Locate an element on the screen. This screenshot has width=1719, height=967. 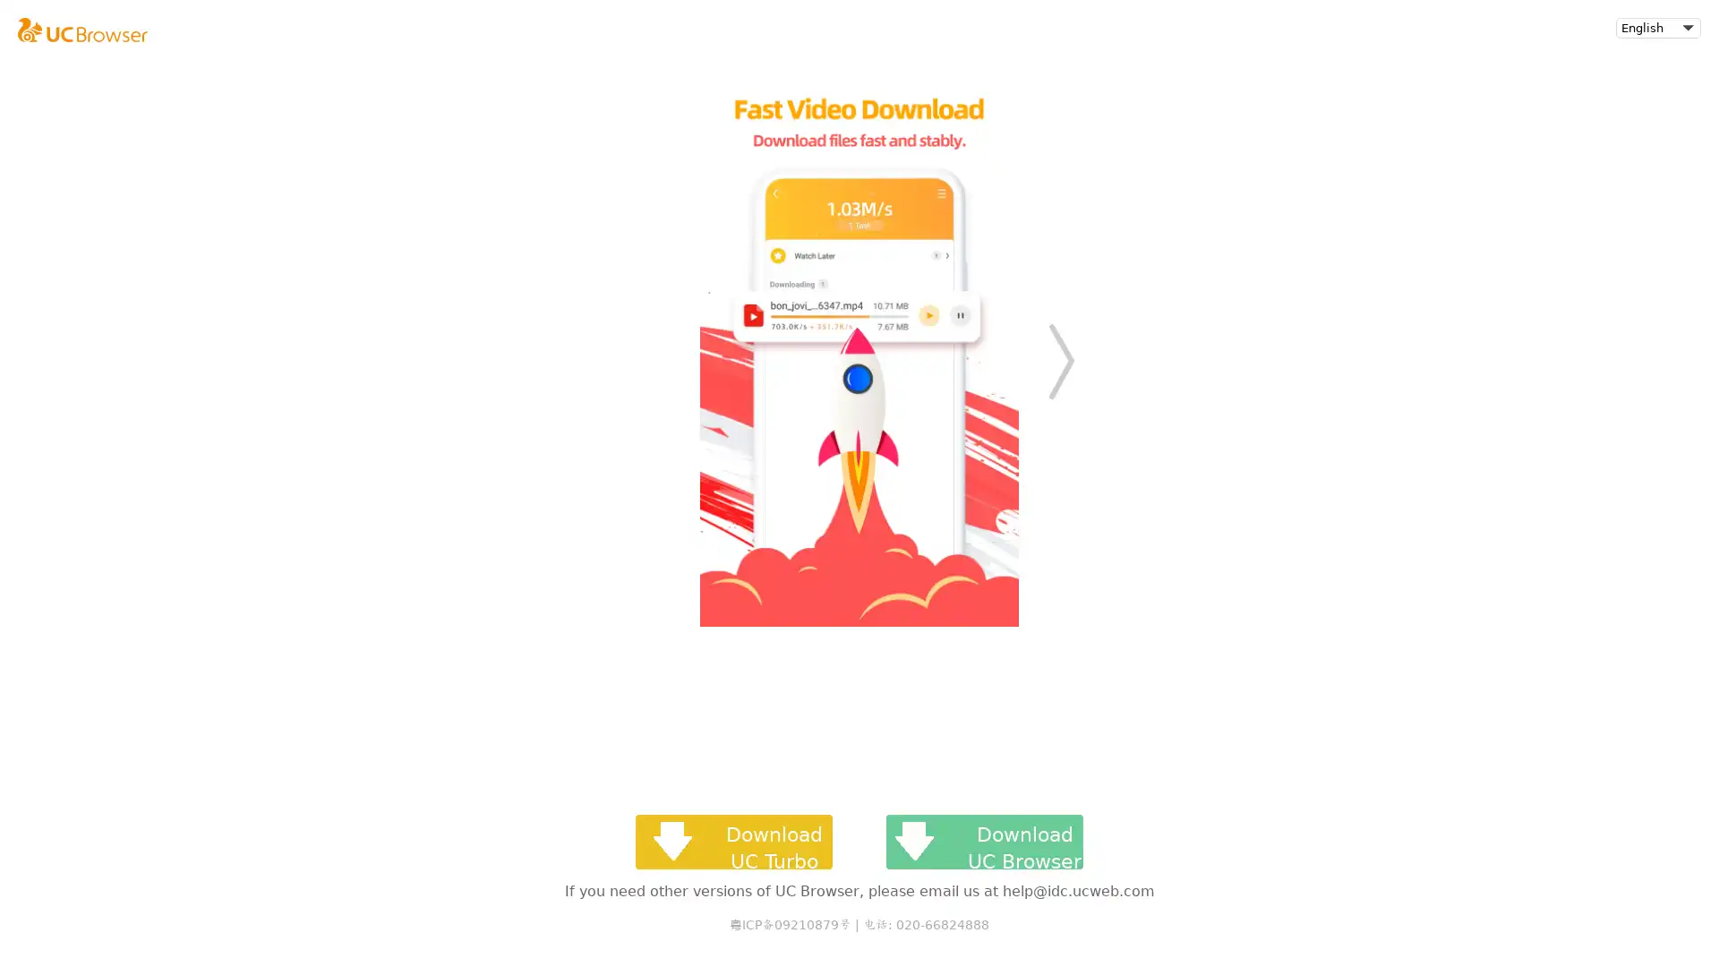
Previous slide is located at coordinates (656, 362).